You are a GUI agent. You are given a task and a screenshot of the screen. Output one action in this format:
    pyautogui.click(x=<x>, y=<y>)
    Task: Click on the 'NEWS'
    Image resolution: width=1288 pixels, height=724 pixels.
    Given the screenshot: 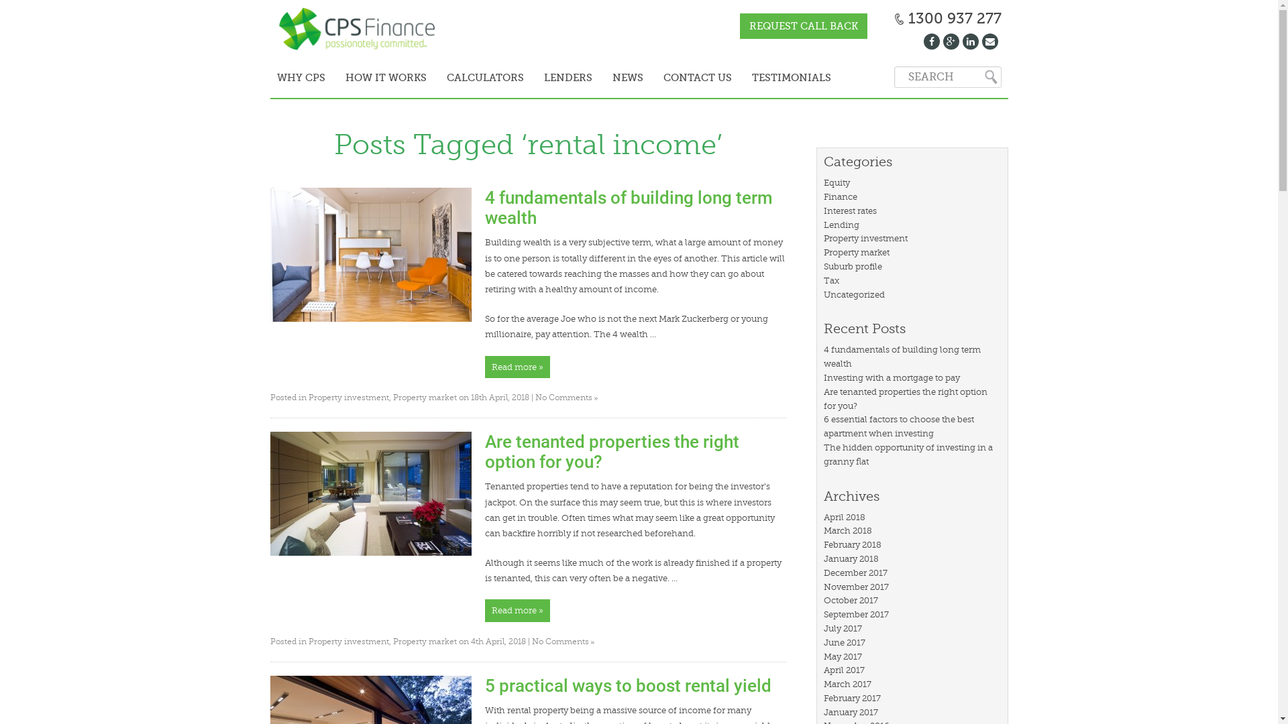 What is the action you would take?
    pyautogui.click(x=627, y=76)
    